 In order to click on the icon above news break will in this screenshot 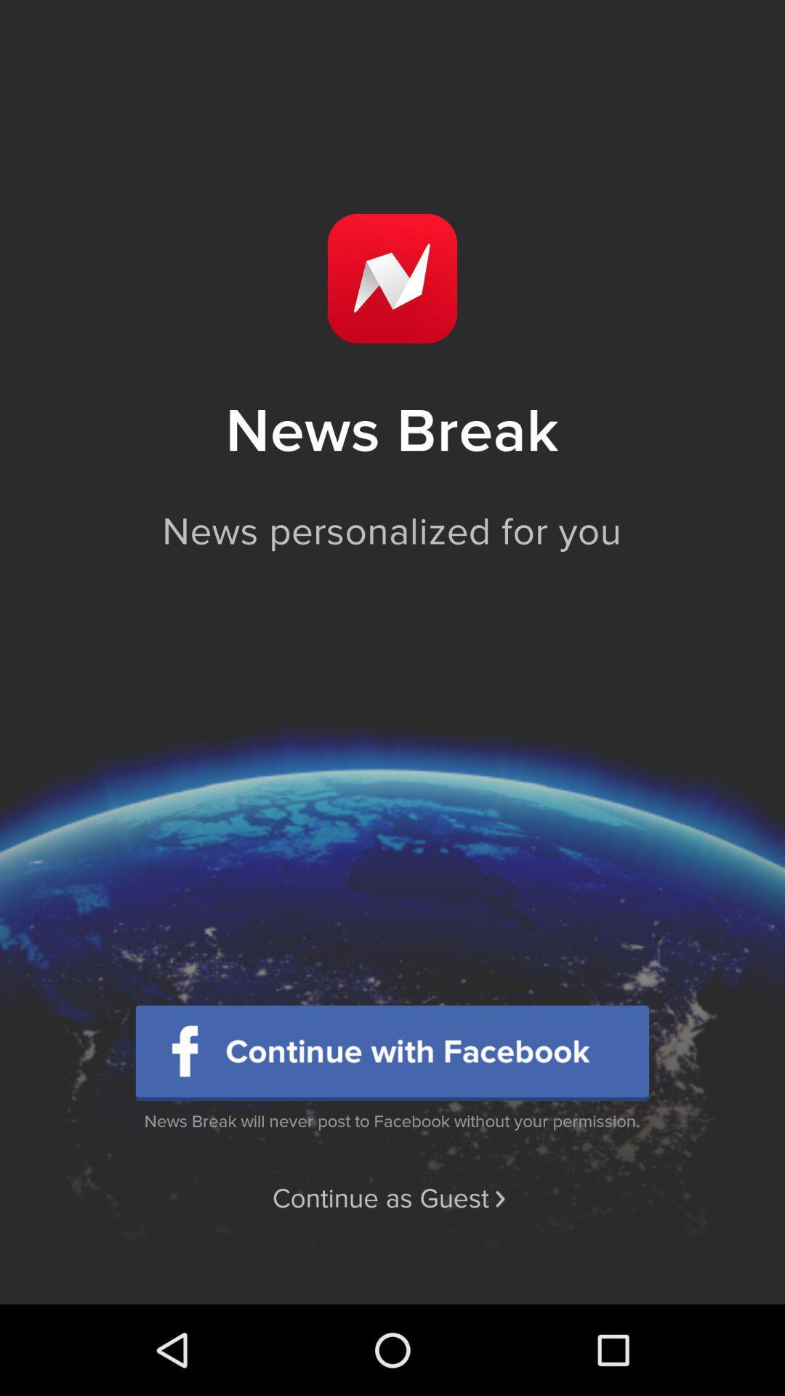, I will do `click(392, 1053)`.